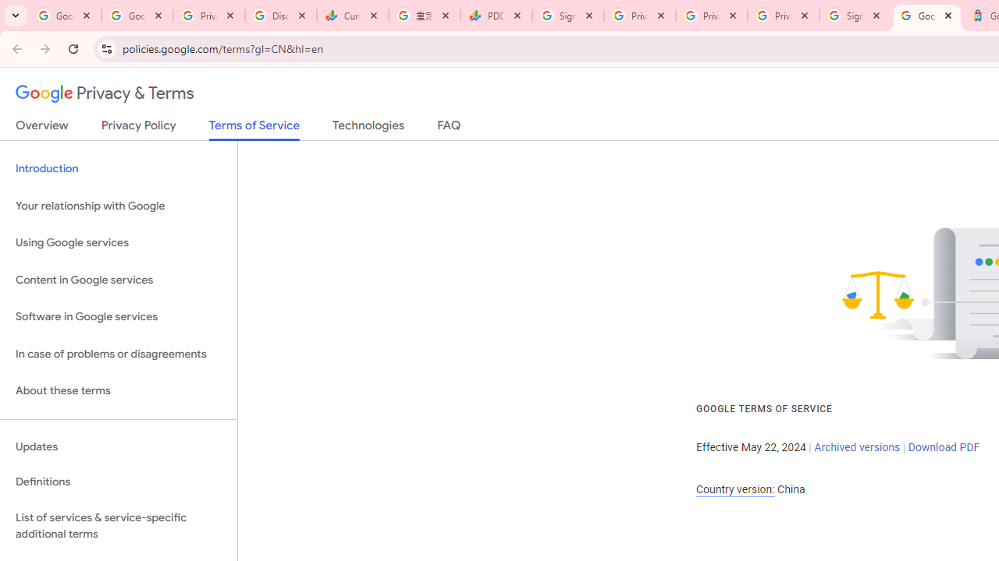 The image size is (999, 561). What do you see at coordinates (118, 446) in the screenshot?
I see `'Updates'` at bounding box center [118, 446].